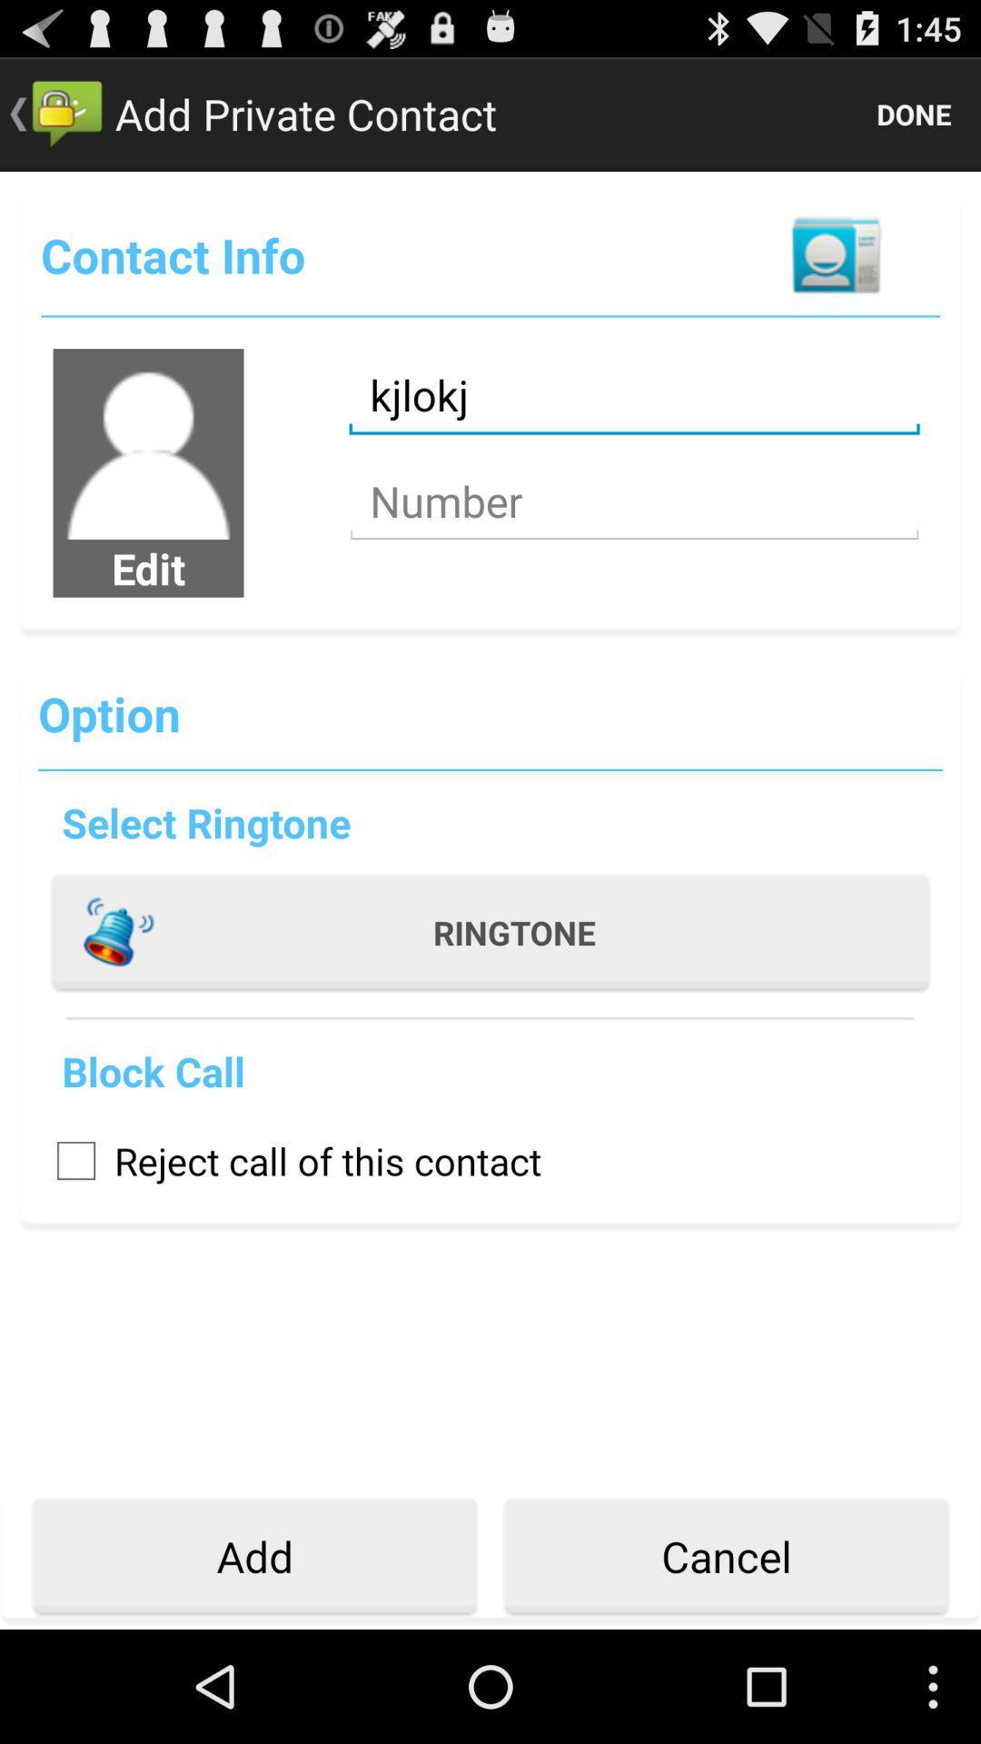 This screenshot has height=1744, width=981. I want to click on avatar picture, so click(147, 444).